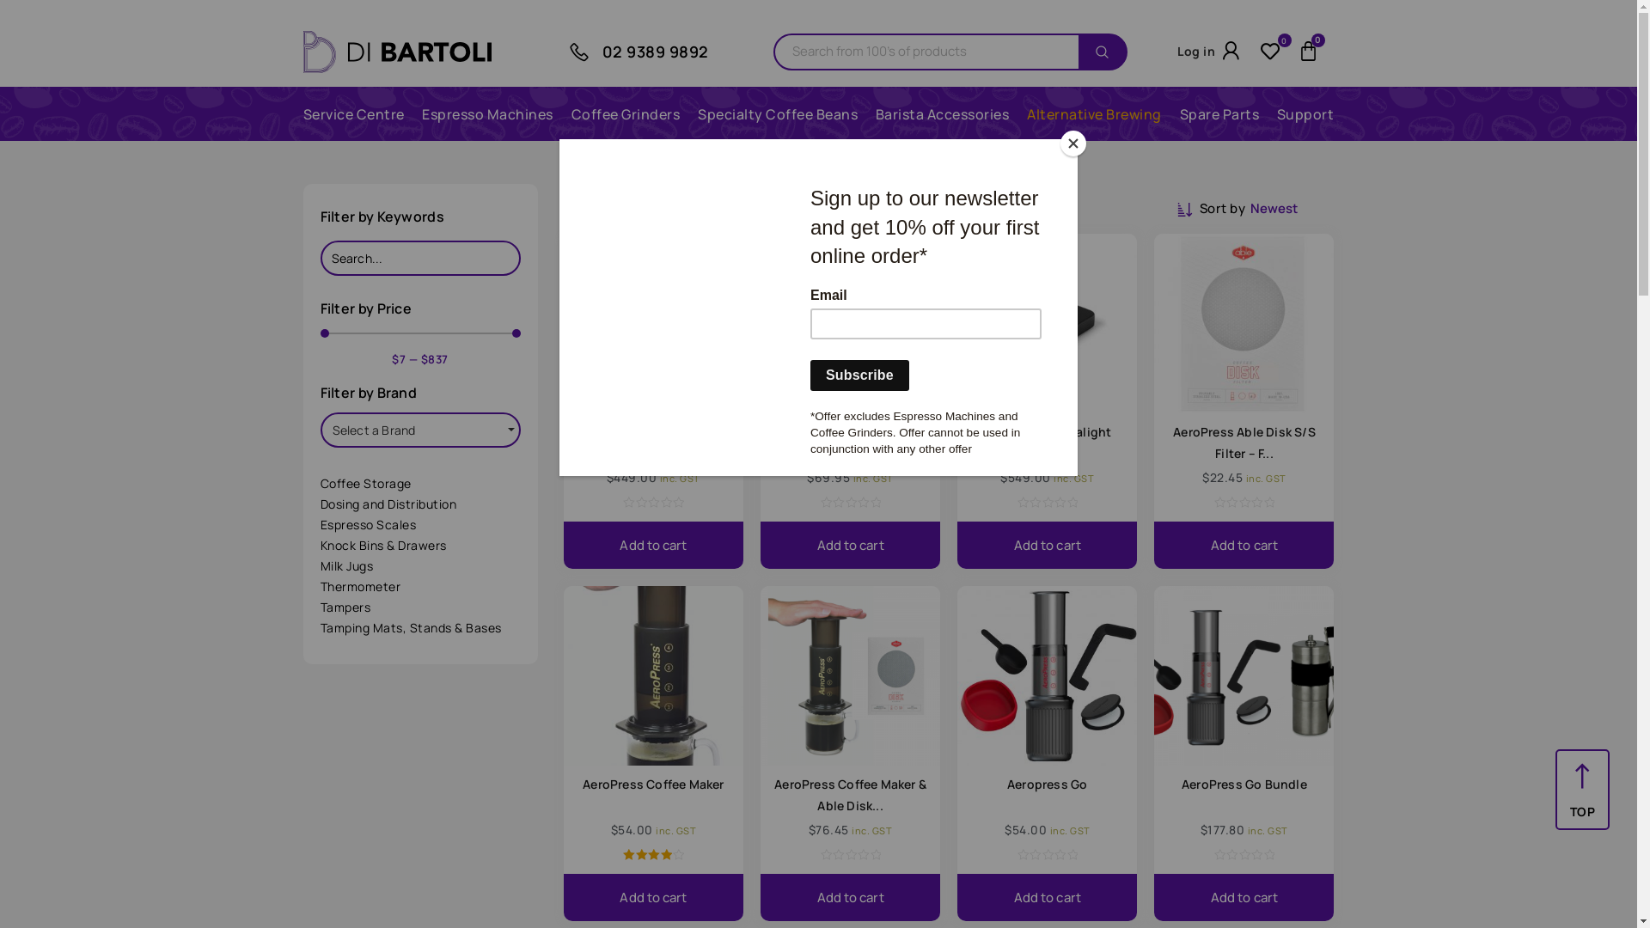 The image size is (1650, 928). I want to click on 'Barista Accessories', so click(942, 113).